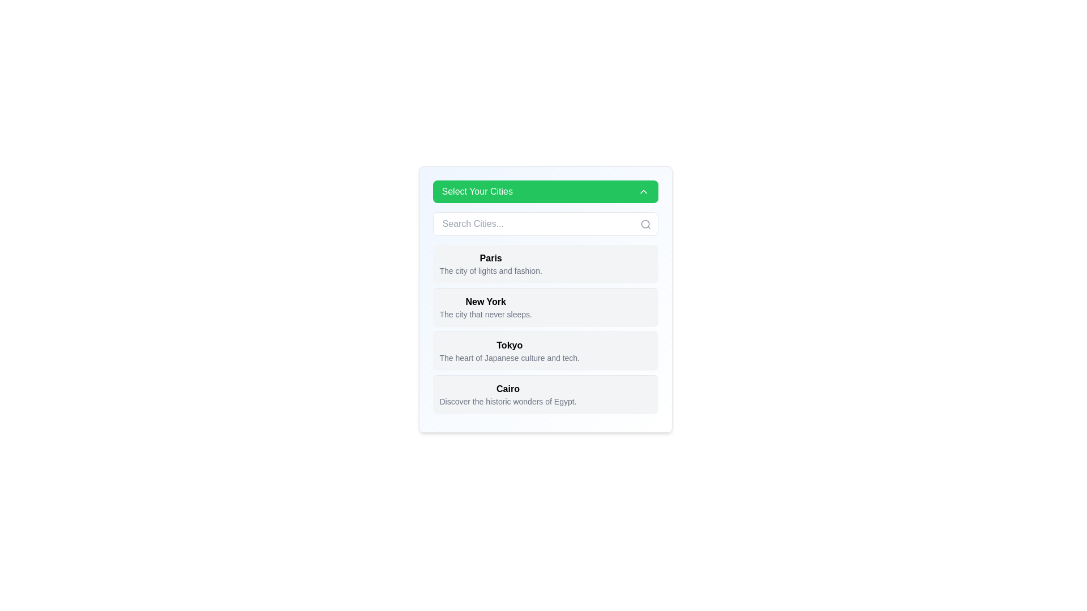  I want to click on descriptive text label directly underneath the bold title 'Paris' in the first item of the vertical list of cities, so click(491, 270).